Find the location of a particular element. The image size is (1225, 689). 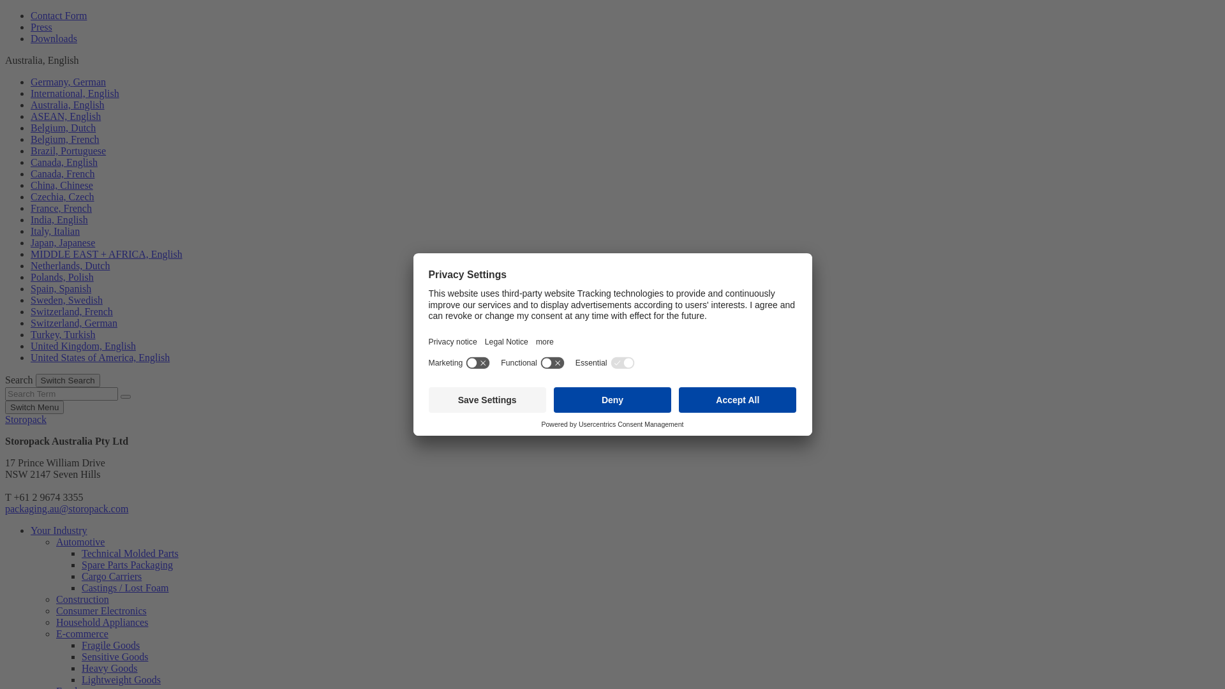

'France, French' is located at coordinates (61, 207).